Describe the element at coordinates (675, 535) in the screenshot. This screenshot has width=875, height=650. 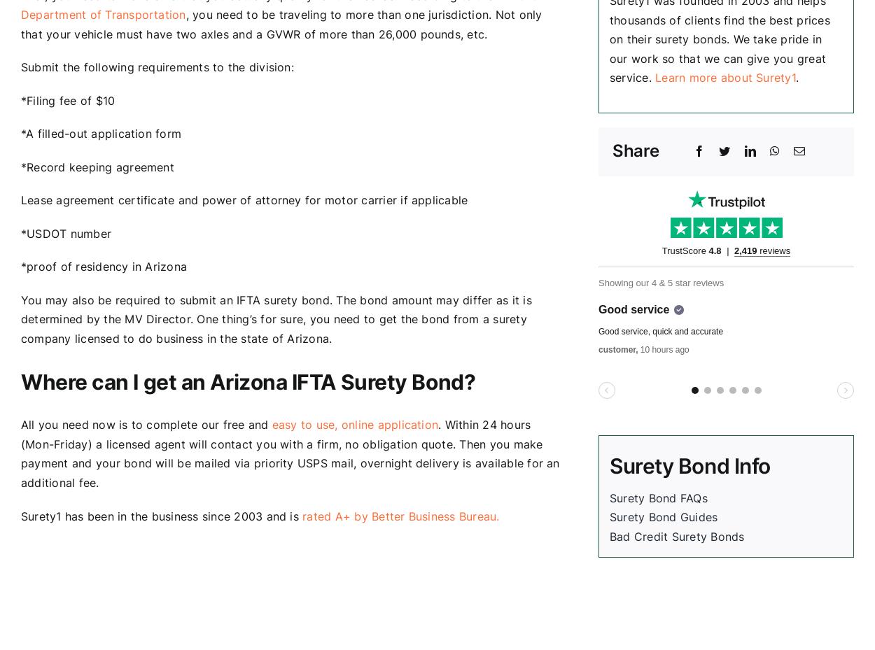
I see `'Bad Credit Surety Bonds'` at that location.